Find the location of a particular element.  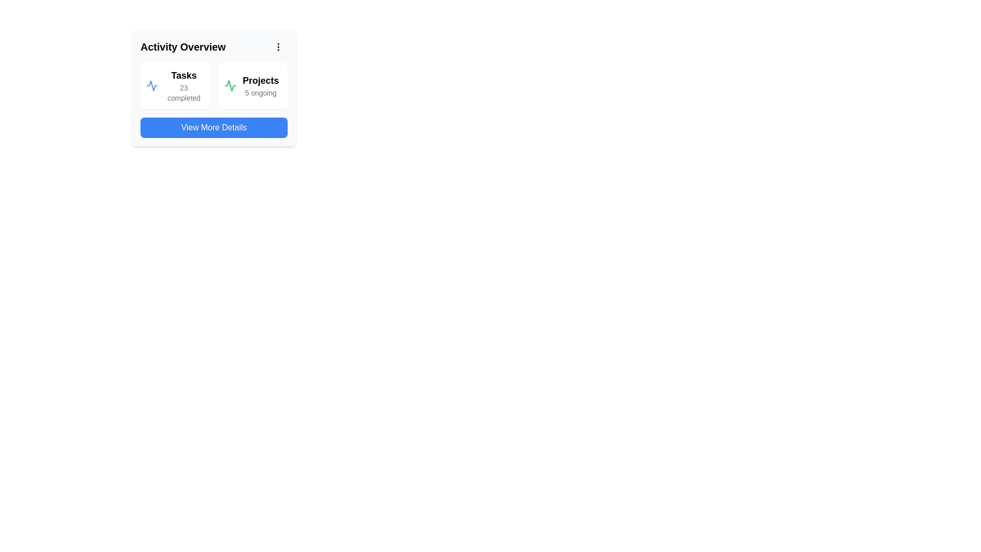

the blue waveform icon located to the left of the text 'Tasks' in the card-style layout to conceptually associate it with tasks is located at coordinates (152, 85).